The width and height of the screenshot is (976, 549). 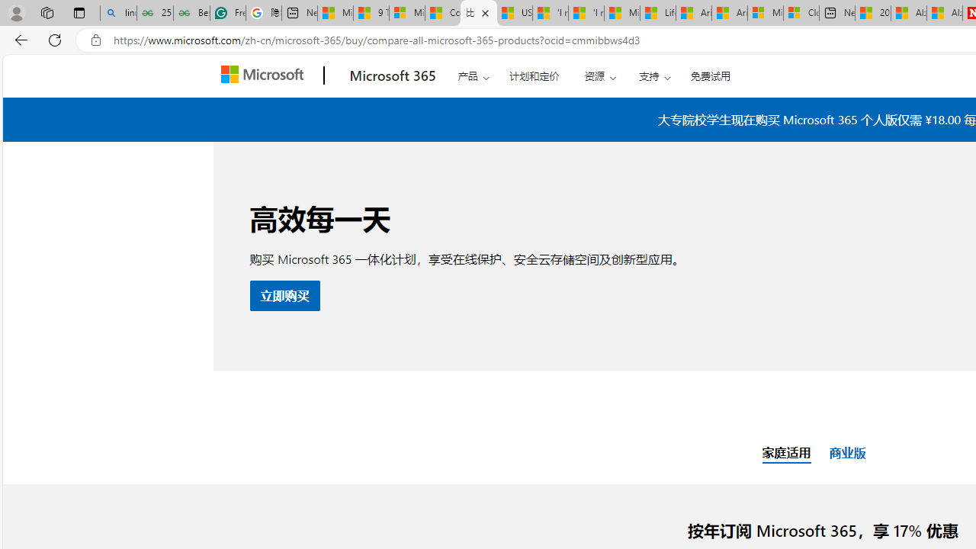 I want to click on 'USA TODAY - MSN', so click(x=514, y=13).